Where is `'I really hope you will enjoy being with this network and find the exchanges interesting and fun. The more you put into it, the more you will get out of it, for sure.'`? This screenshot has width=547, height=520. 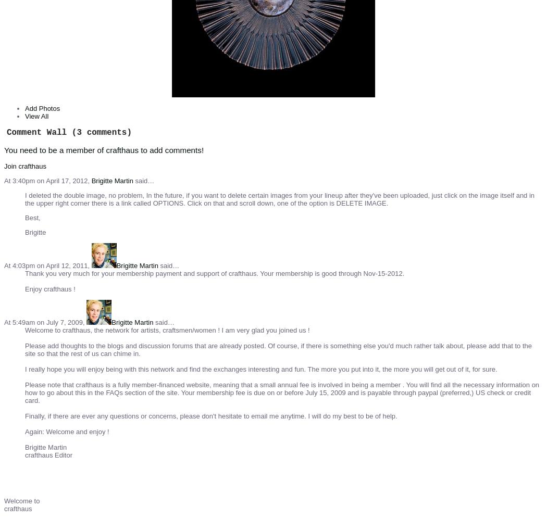 'I really hope you will enjoy being with this network and find the exchanges interesting and fun. The more you put into it, the more you will get out of it, for sure.' is located at coordinates (260, 369).